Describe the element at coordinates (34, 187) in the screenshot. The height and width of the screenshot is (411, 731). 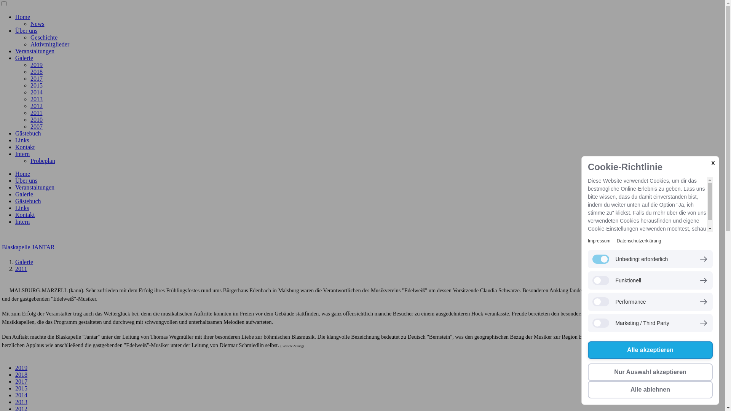
I see `'Veranstaltungen'` at that location.